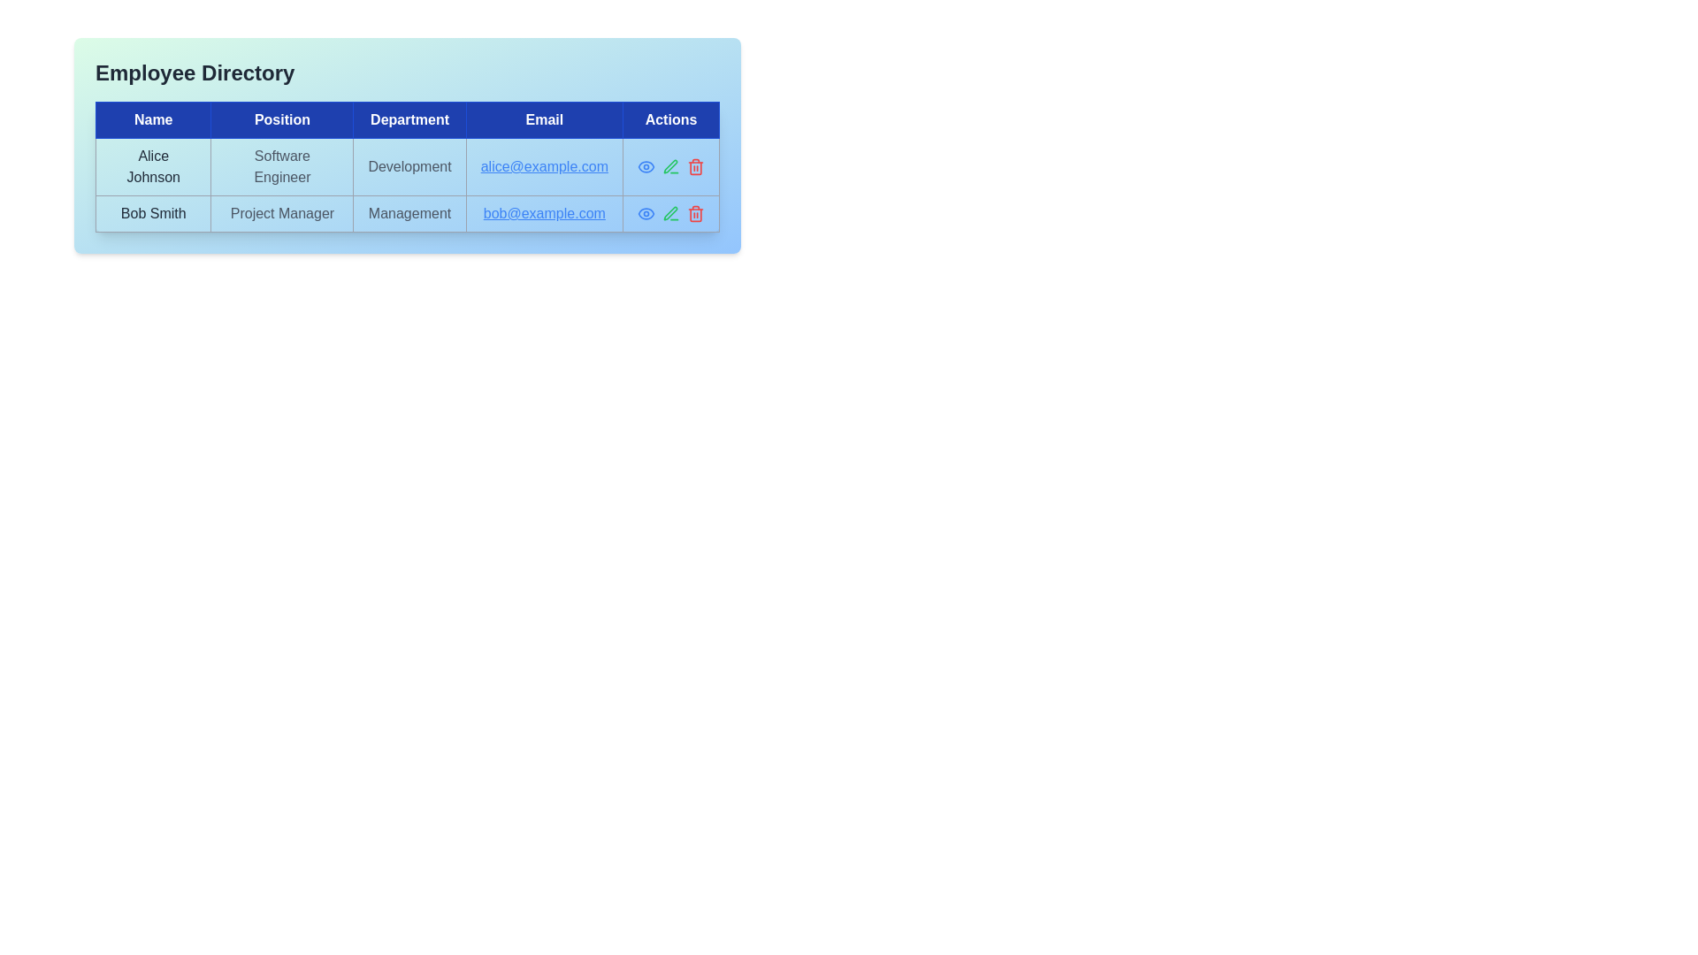 Image resolution: width=1698 pixels, height=955 pixels. What do you see at coordinates (669, 213) in the screenshot?
I see `the green pen icon for editing located under the 'Actions' column in the second row of the Employee Directory table` at bounding box center [669, 213].